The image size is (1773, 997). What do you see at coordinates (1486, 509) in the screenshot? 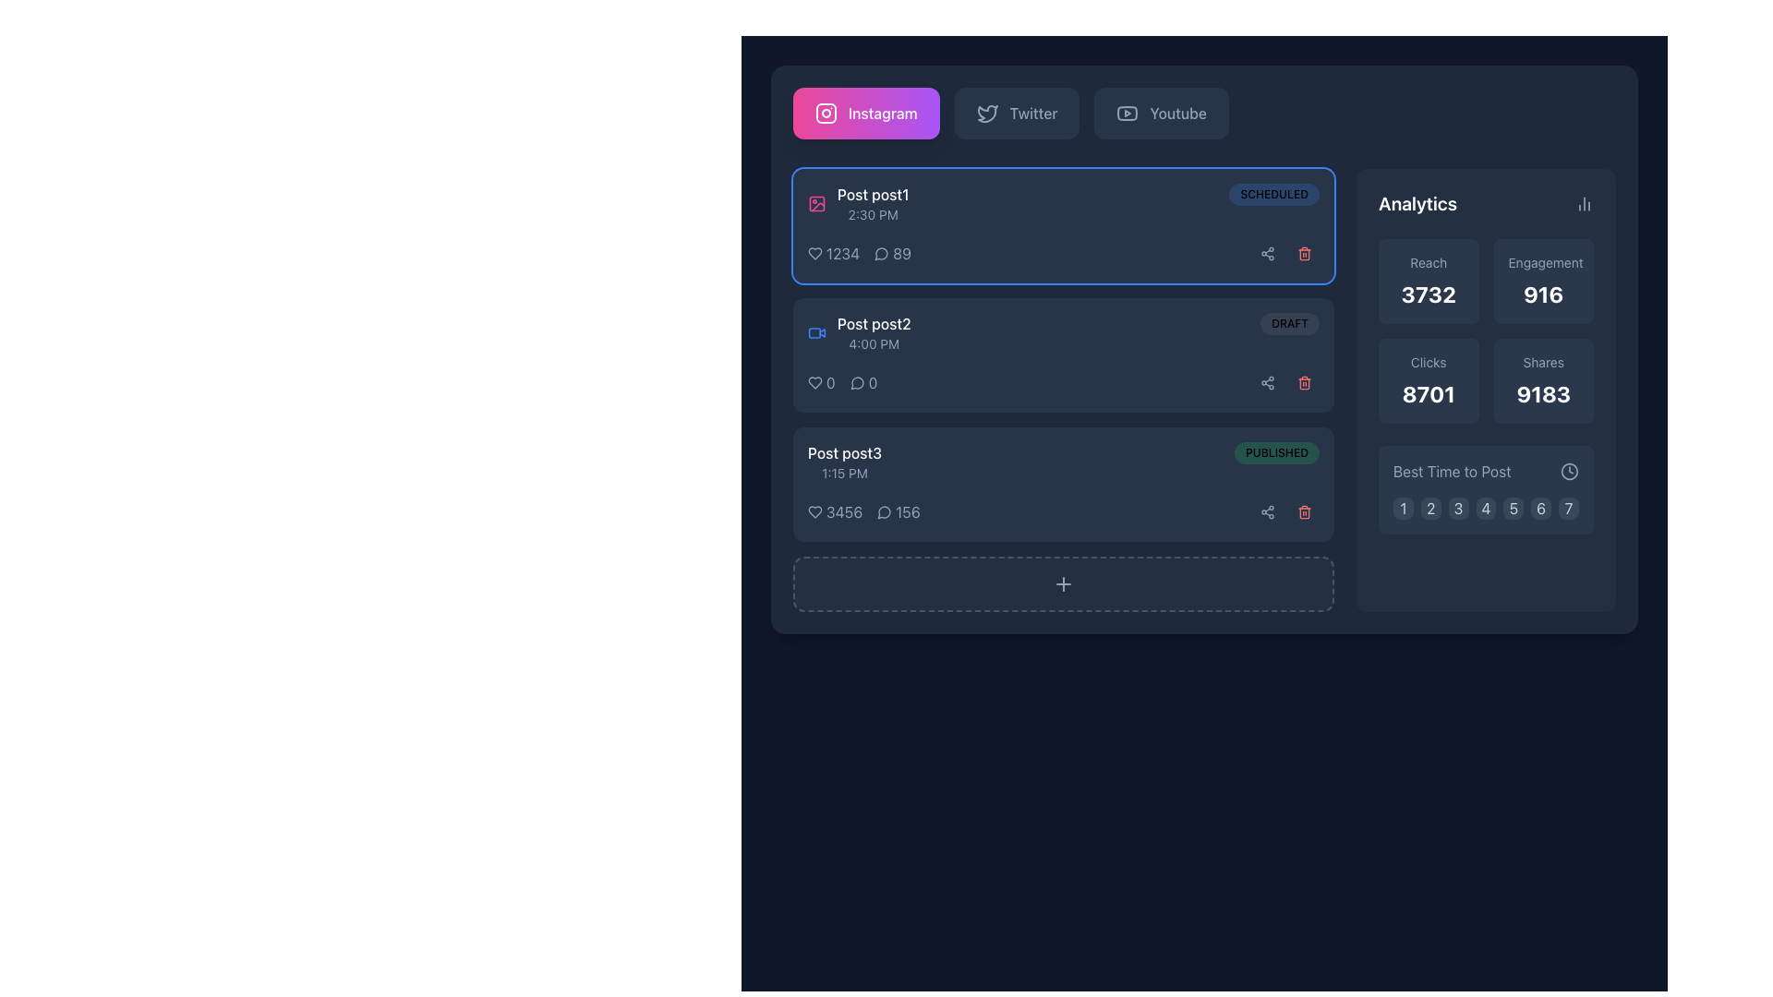
I see `the square-shaped button with a dark slate background and a white number '4'` at bounding box center [1486, 509].